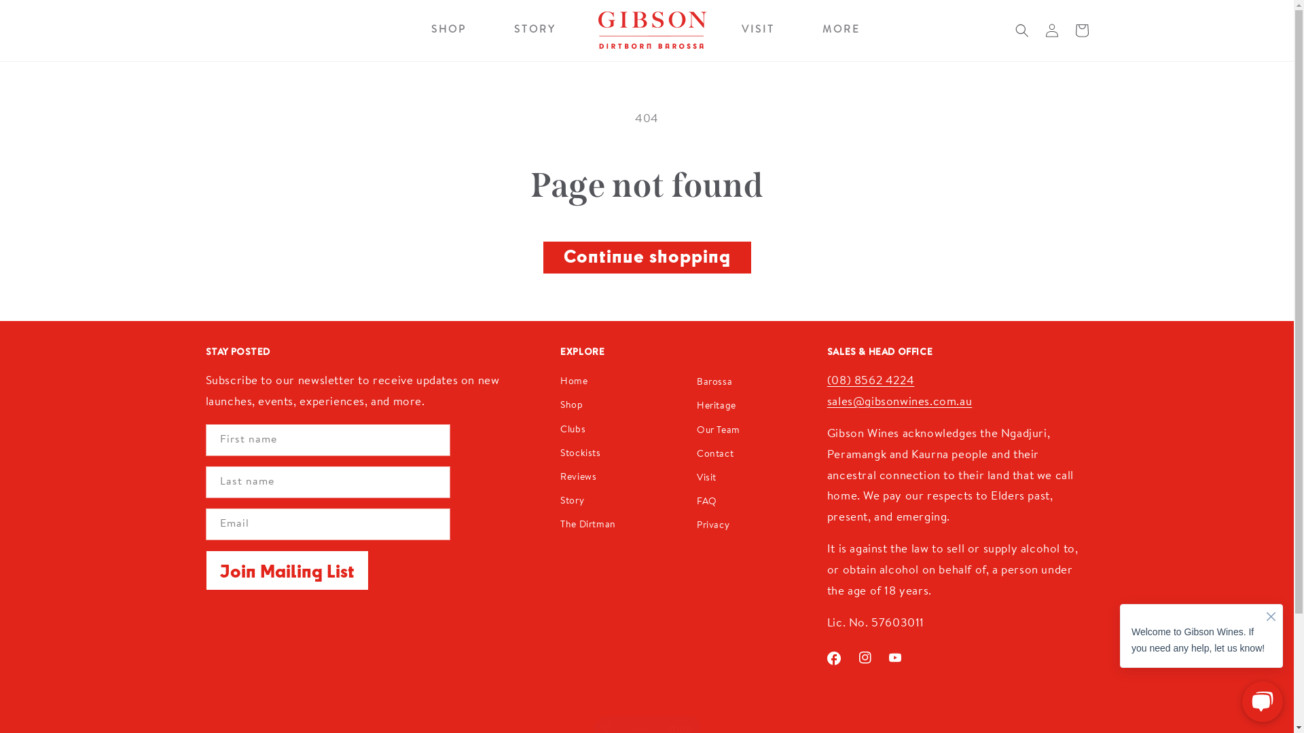 The image size is (1304, 733). I want to click on 'Visit', so click(697, 478).